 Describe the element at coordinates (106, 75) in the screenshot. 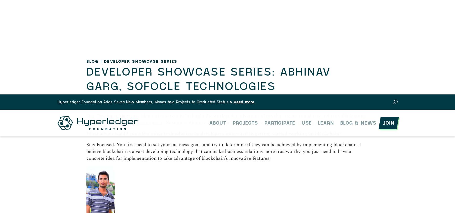

I see `'Besu'` at that location.